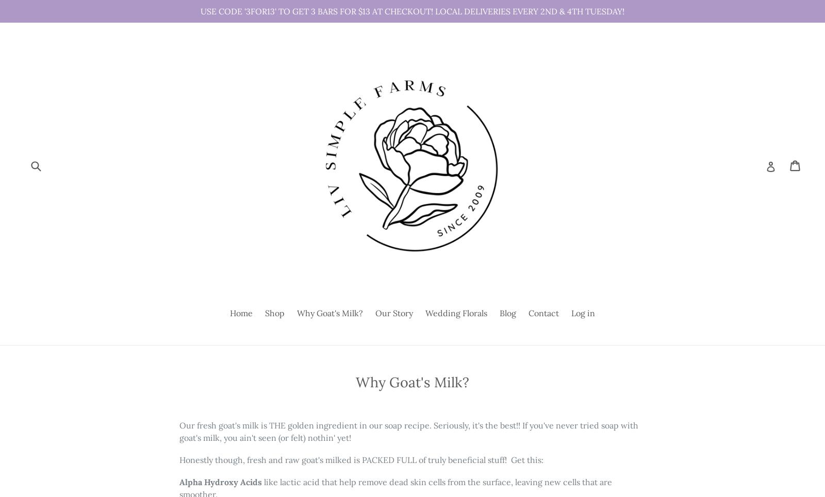  What do you see at coordinates (361, 459) in the screenshot?
I see `'Honestly though, fresh and raw goat's milked is PACKED FULL of truly beneficial stuff!  Get this:'` at bounding box center [361, 459].